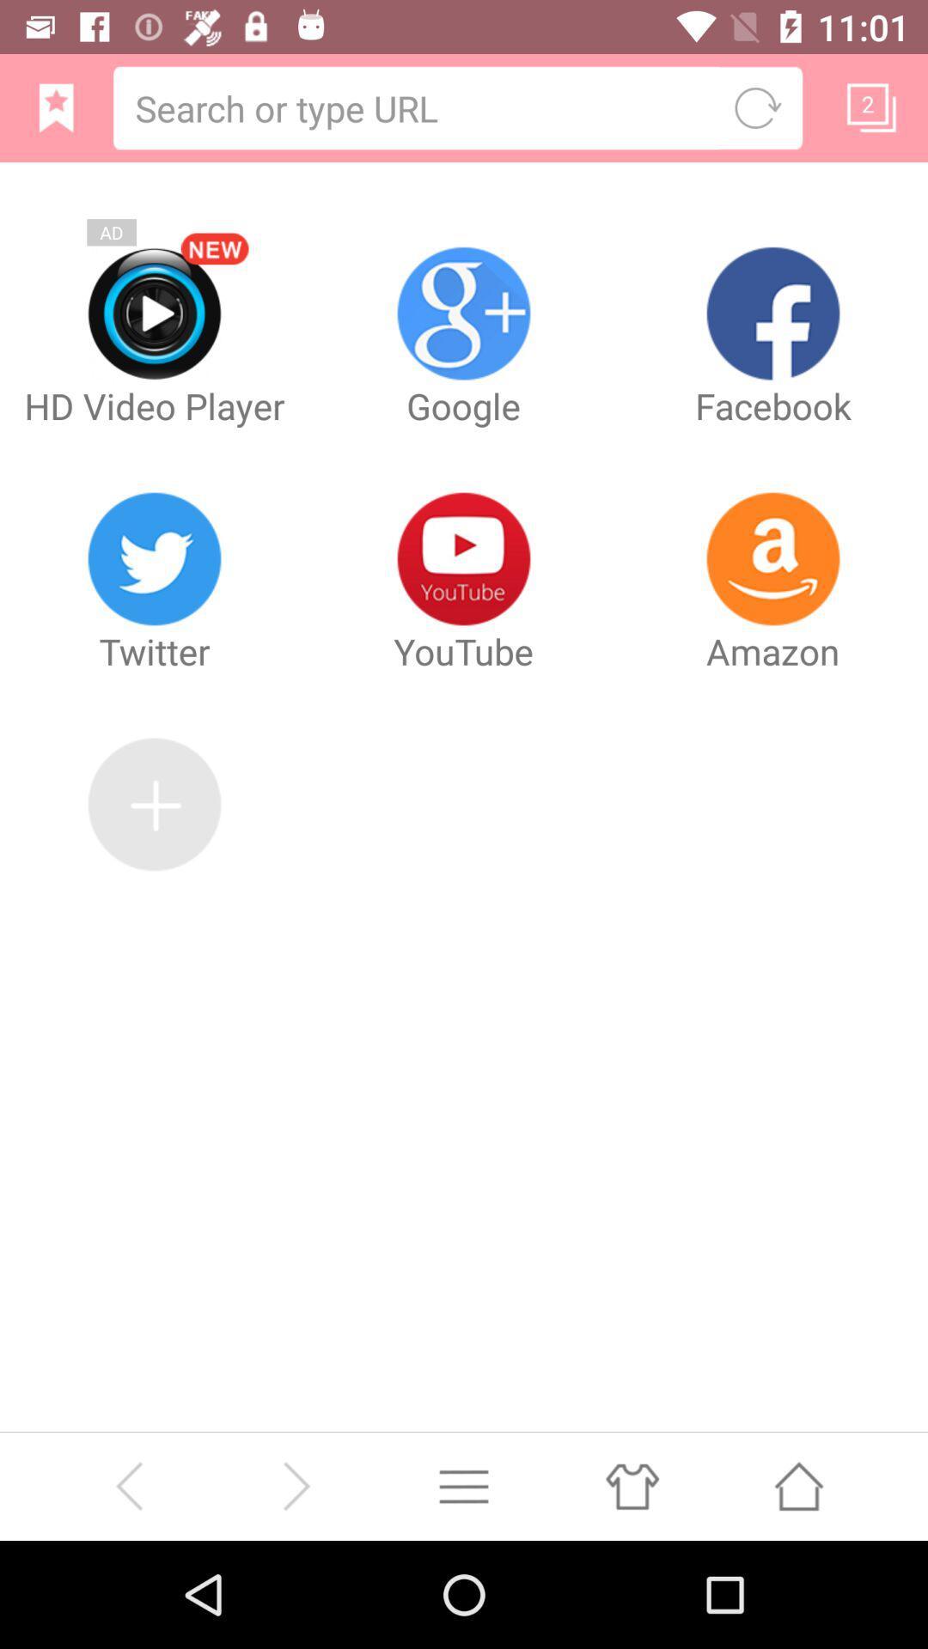  What do you see at coordinates (871, 106) in the screenshot?
I see `page` at bounding box center [871, 106].